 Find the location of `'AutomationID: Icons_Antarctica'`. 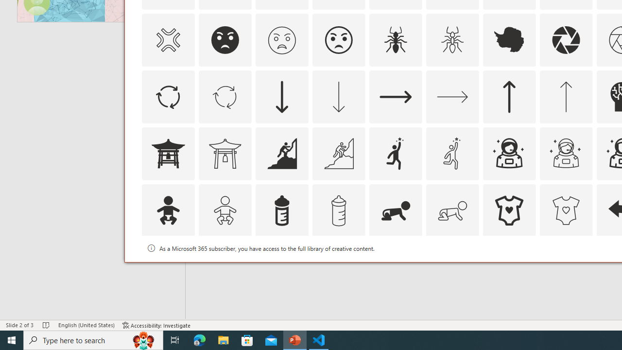

'AutomationID: Icons_Antarctica' is located at coordinates (509, 39).